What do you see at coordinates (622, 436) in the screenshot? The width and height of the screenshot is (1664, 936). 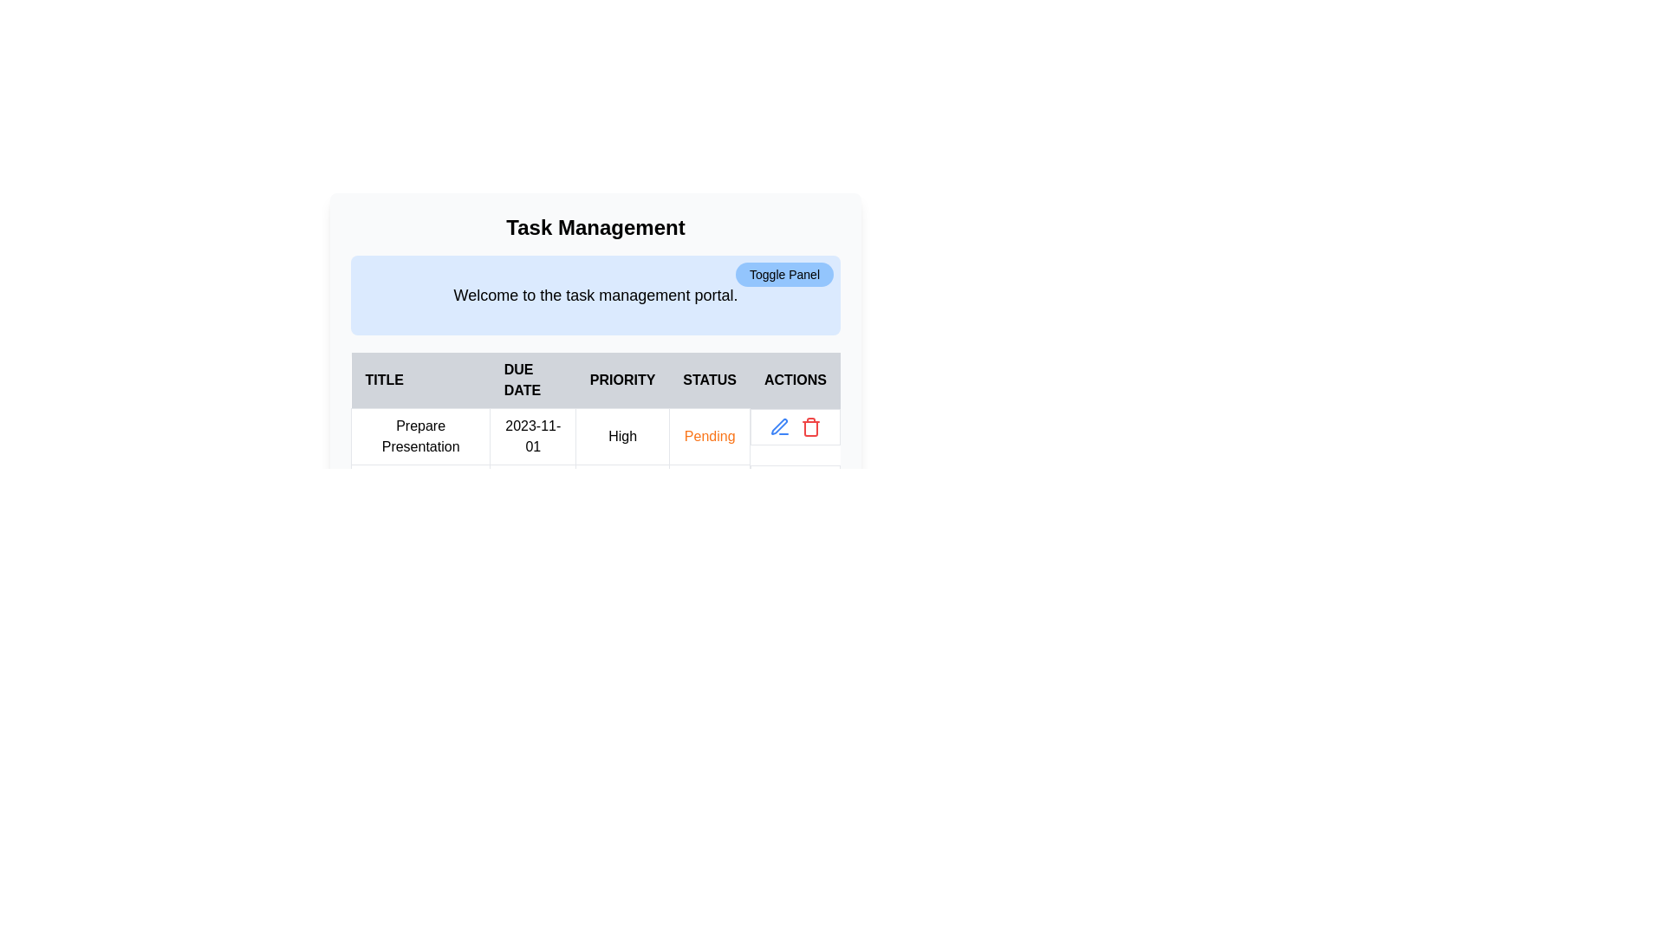 I see `the text label indicating the priority level of the task 'Prepare Presentation' in the management table, located in the third column before the 'STATUS' column` at bounding box center [622, 436].